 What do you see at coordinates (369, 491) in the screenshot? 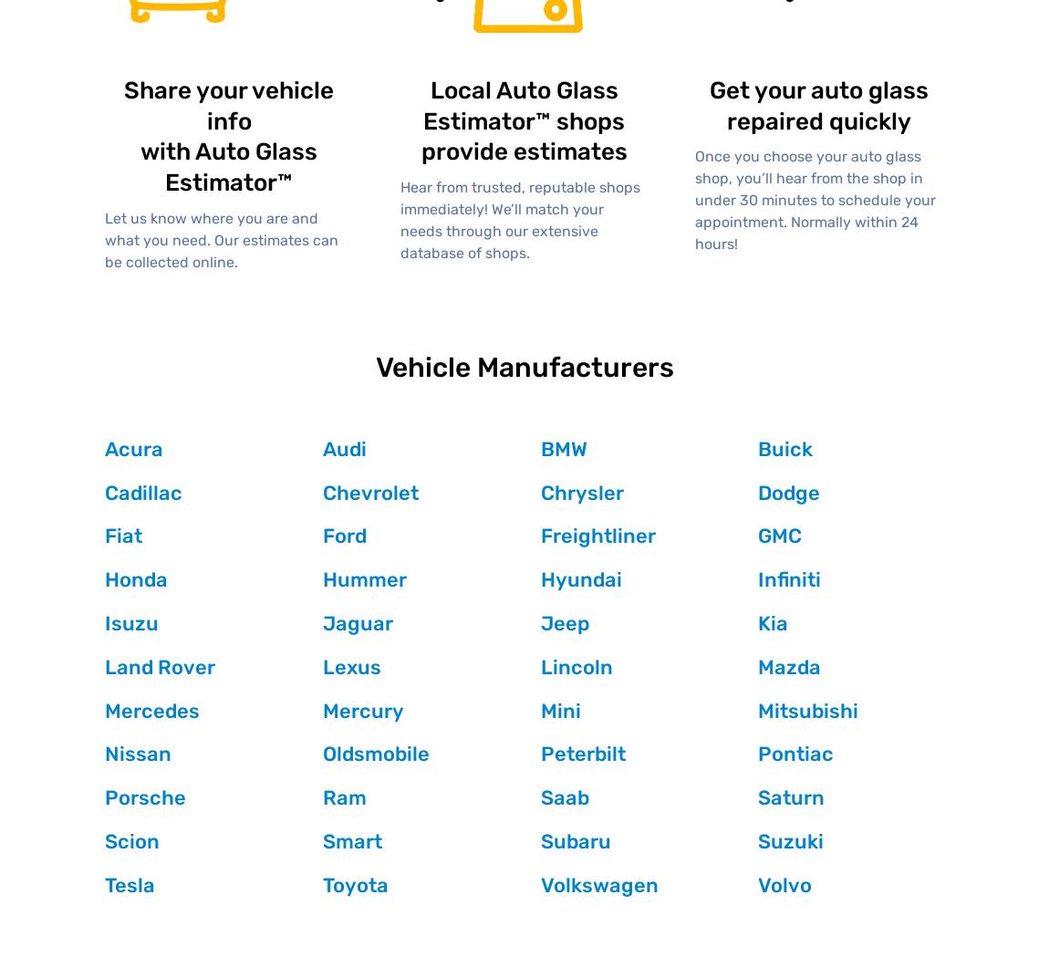
I see `'Chevrolet'` at bounding box center [369, 491].